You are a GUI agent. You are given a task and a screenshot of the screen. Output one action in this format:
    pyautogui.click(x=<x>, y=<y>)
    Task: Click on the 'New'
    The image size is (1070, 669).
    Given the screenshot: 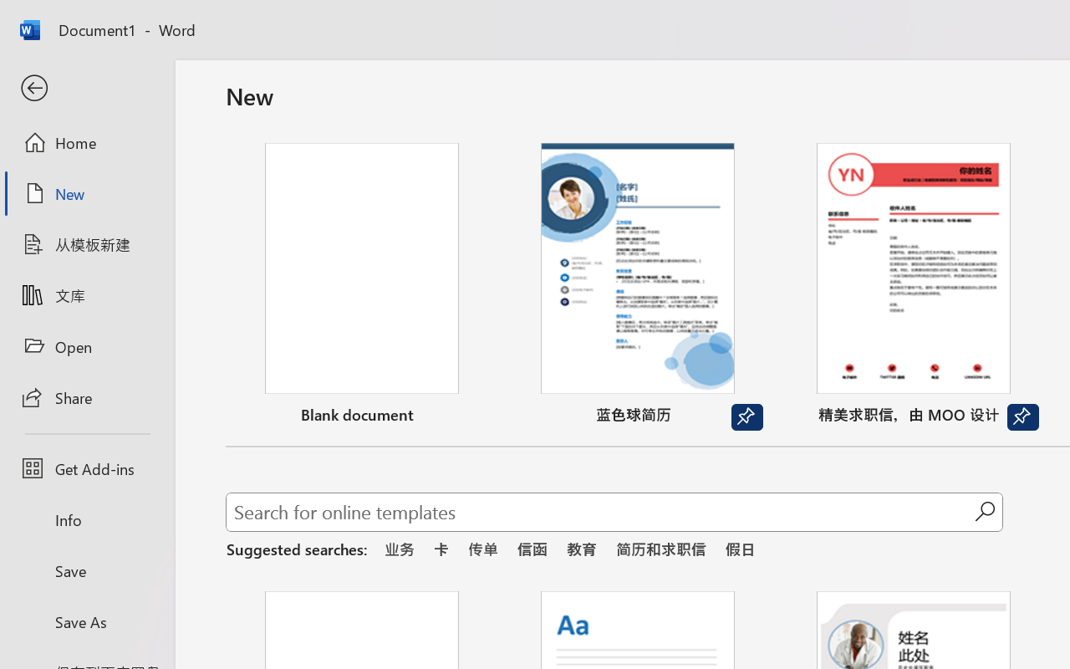 What is the action you would take?
    pyautogui.click(x=86, y=193)
    